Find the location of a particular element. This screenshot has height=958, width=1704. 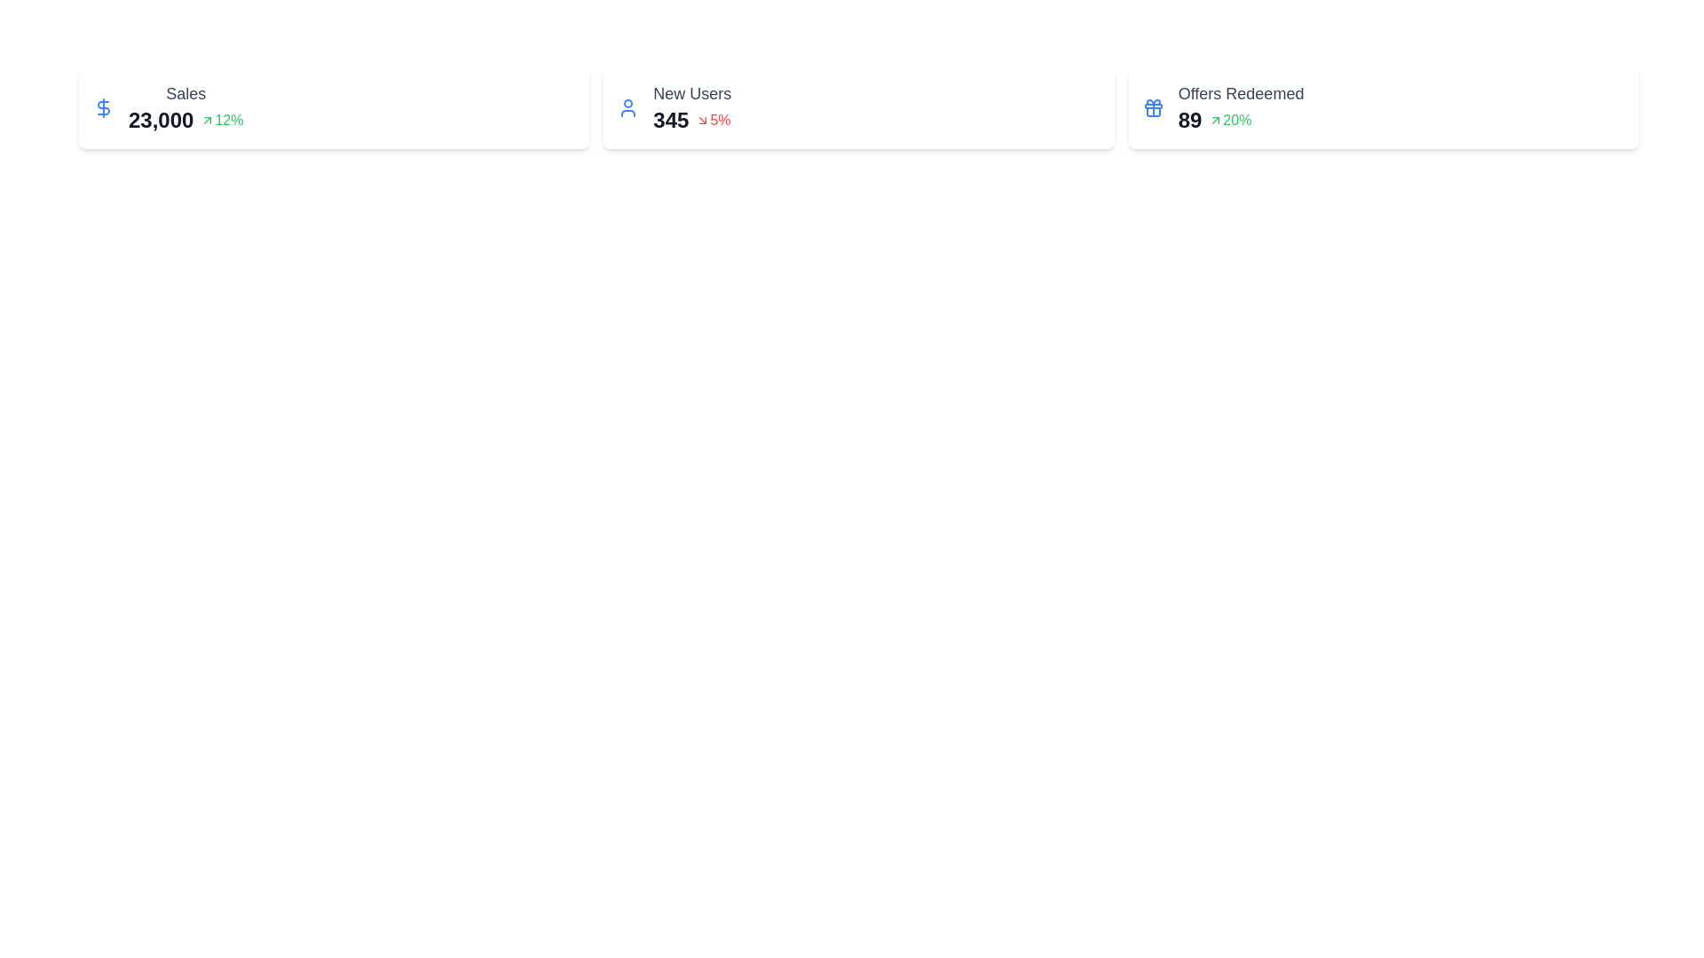

the upward right arrow icon indicating a 12% trend change, located to the left of the '12%' text within the Sales metric box is located at coordinates (208, 120).